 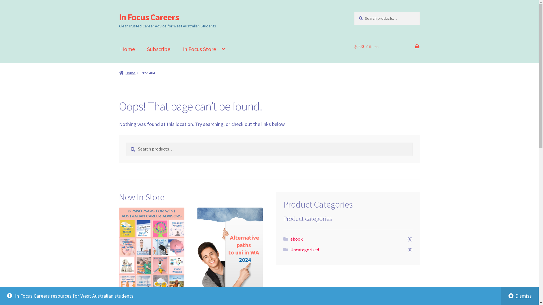 I want to click on 'Home', so click(x=127, y=49).